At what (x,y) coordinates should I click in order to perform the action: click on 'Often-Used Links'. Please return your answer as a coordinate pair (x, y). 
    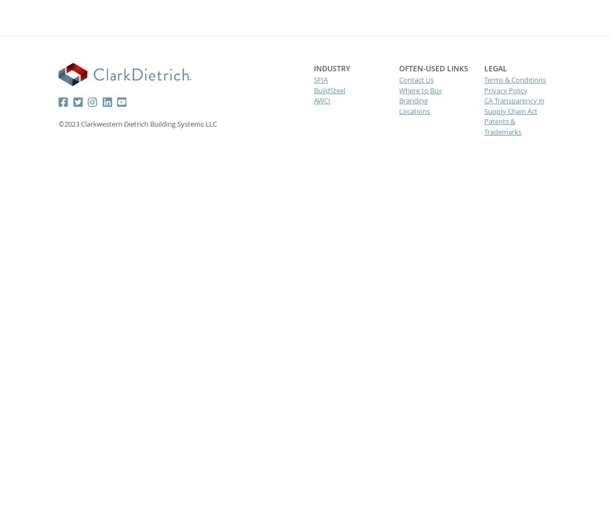
    Looking at the image, I should click on (432, 68).